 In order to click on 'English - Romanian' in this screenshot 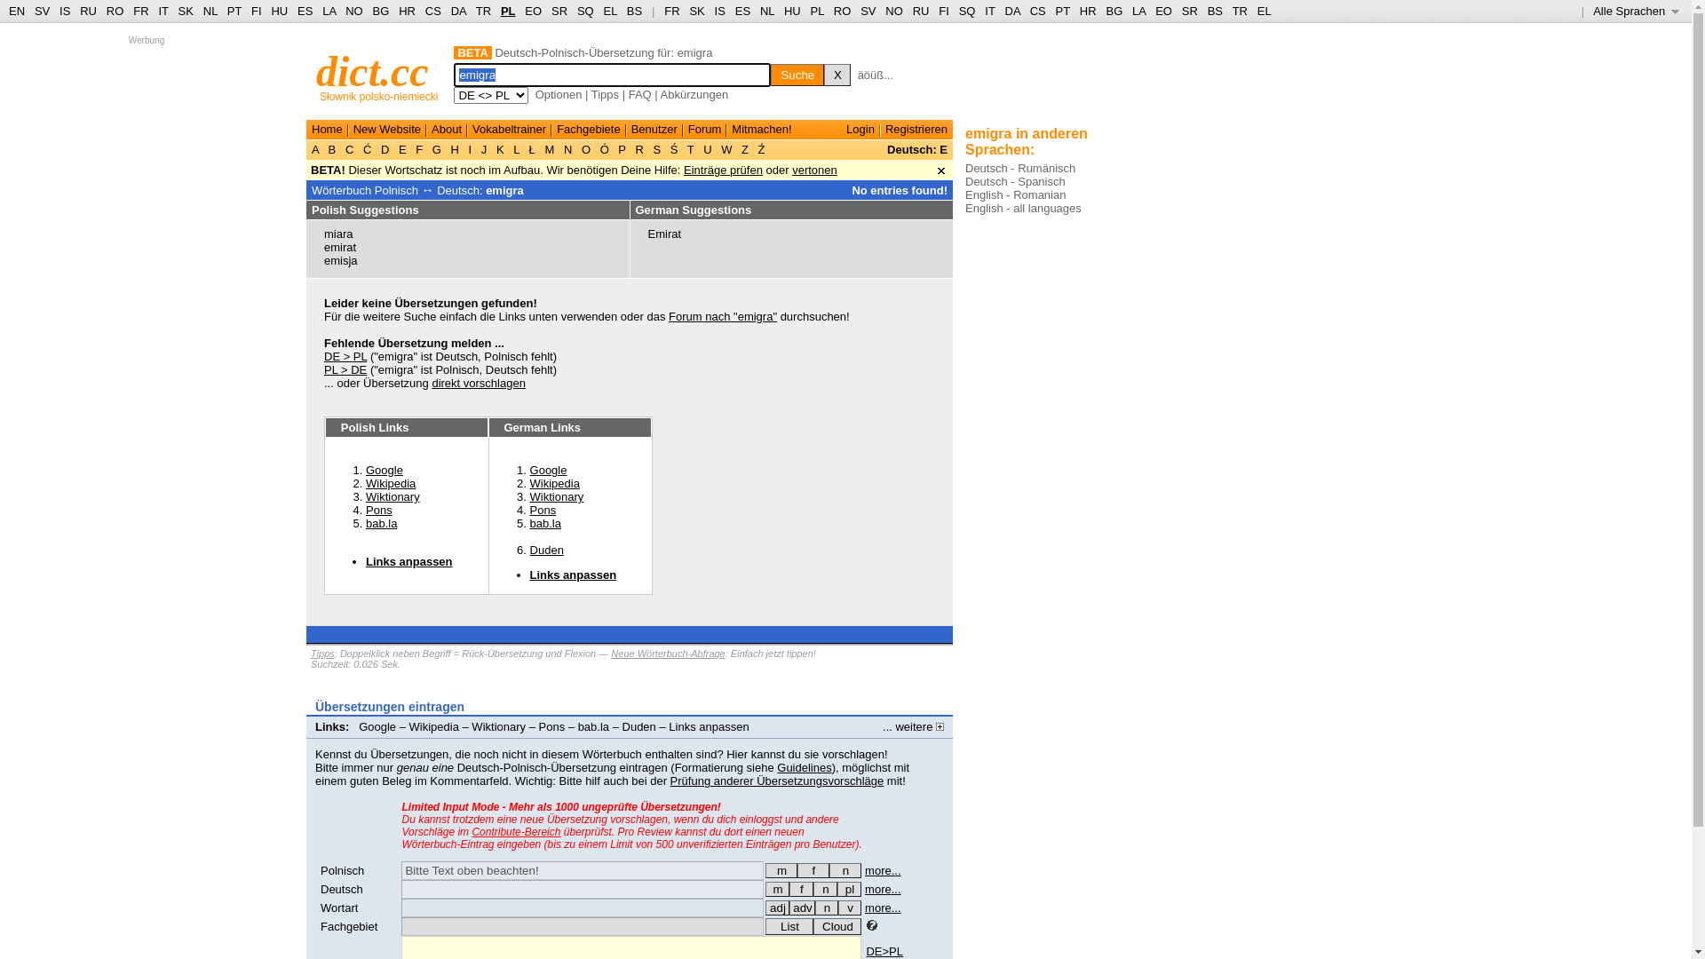, I will do `click(964, 194)`.